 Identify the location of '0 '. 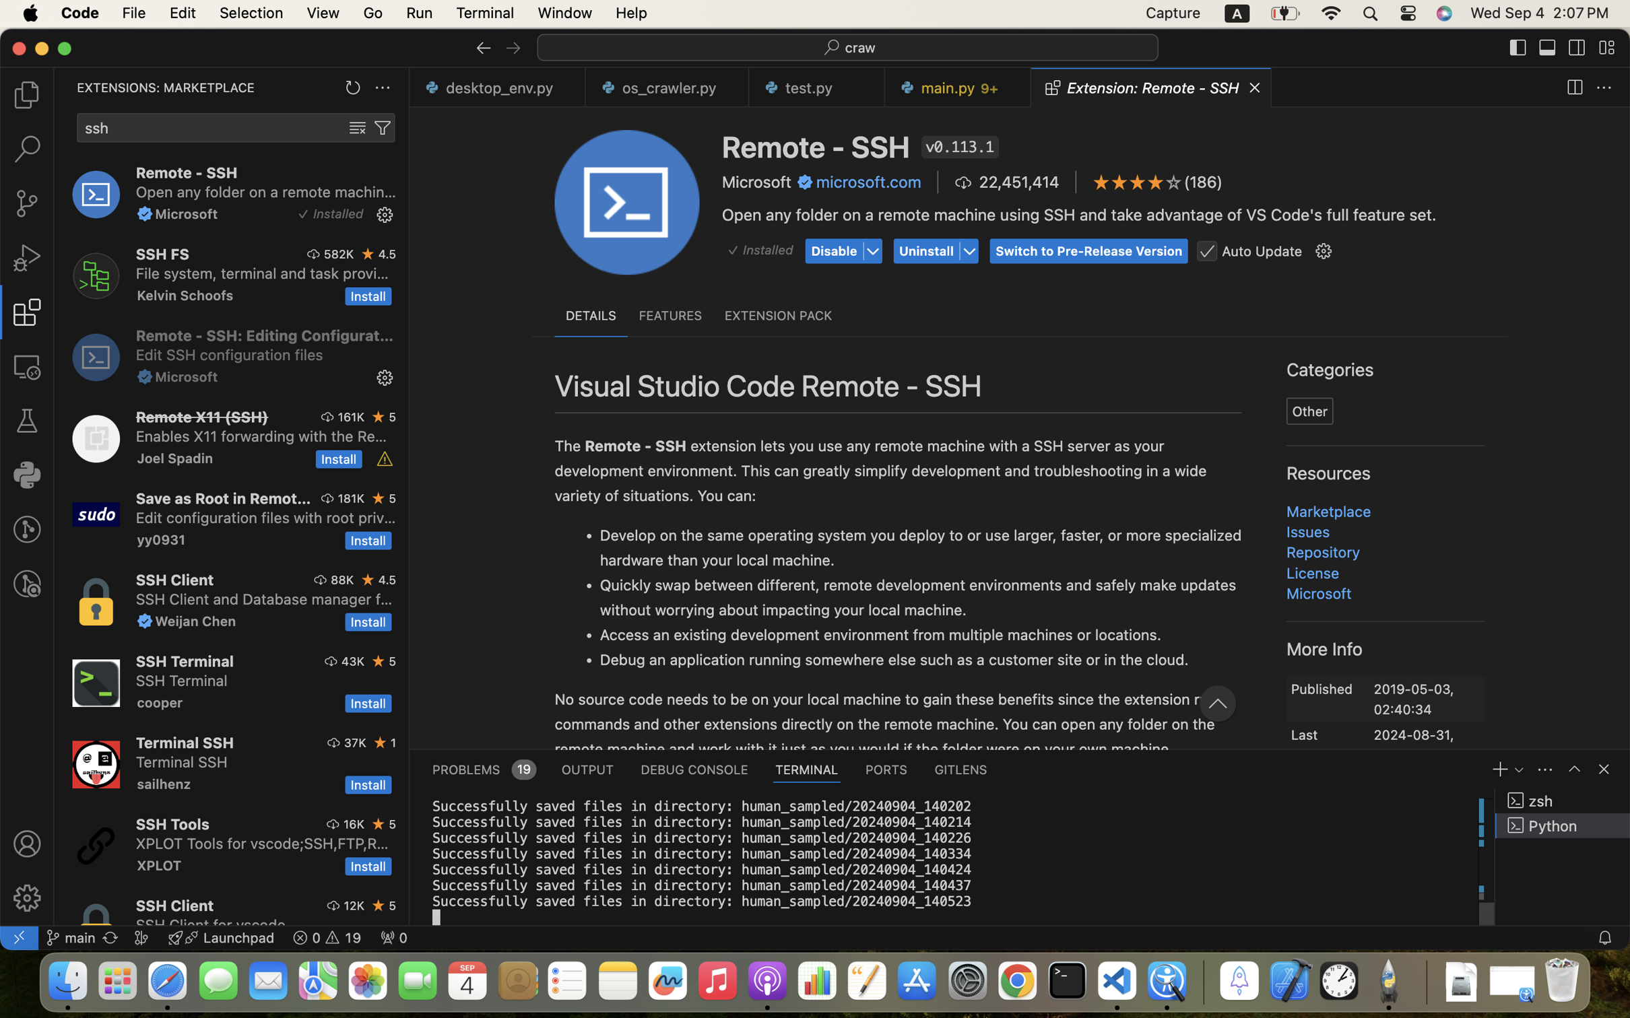
(26, 94).